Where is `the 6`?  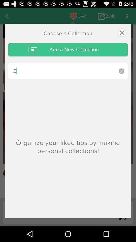 the 6 is located at coordinates (62, 71).